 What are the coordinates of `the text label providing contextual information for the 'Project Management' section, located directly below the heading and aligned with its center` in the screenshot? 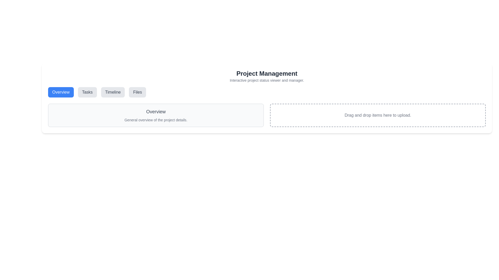 It's located at (267, 80).